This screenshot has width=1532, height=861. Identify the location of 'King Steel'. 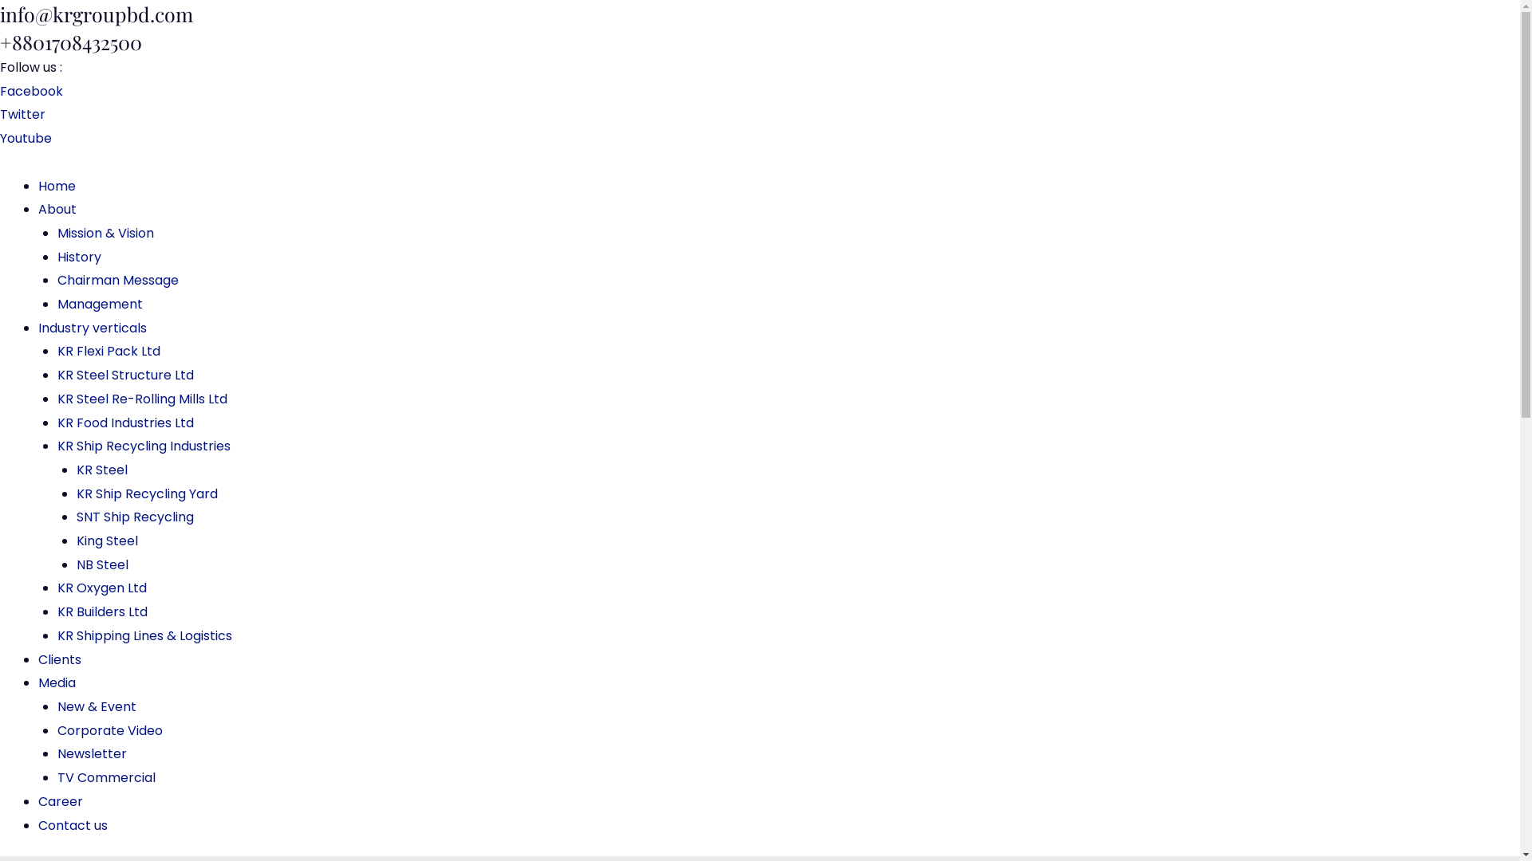
(106, 540).